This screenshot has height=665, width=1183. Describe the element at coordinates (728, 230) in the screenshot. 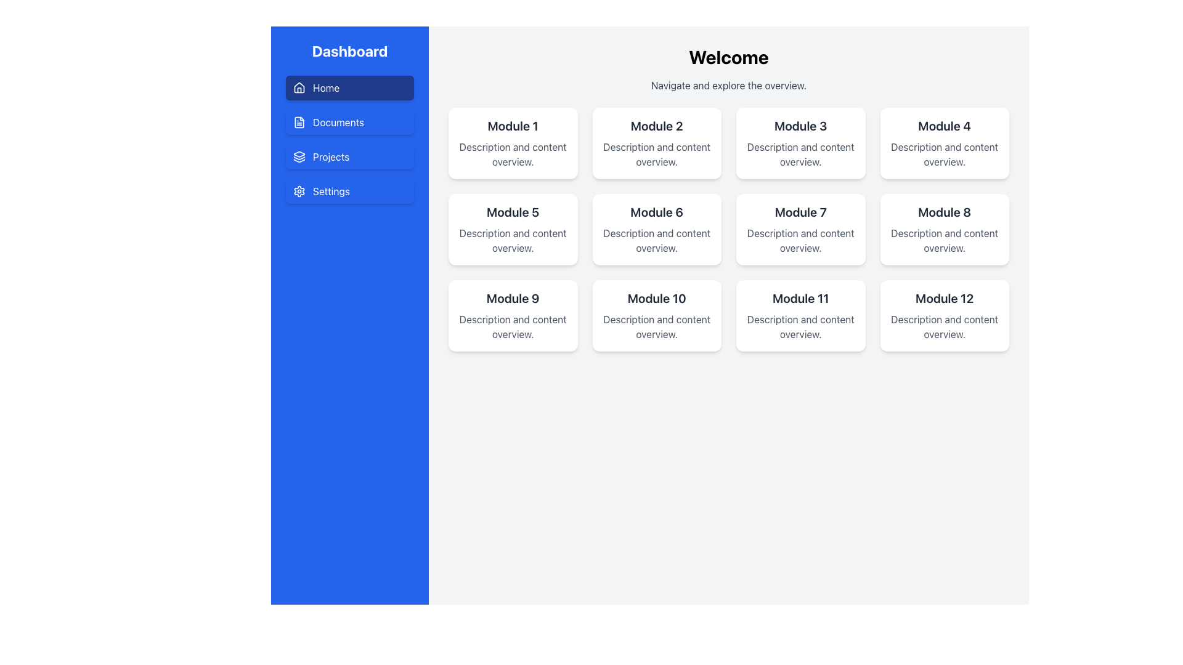

I see `the module in the grid displaying titles and descriptions` at that location.